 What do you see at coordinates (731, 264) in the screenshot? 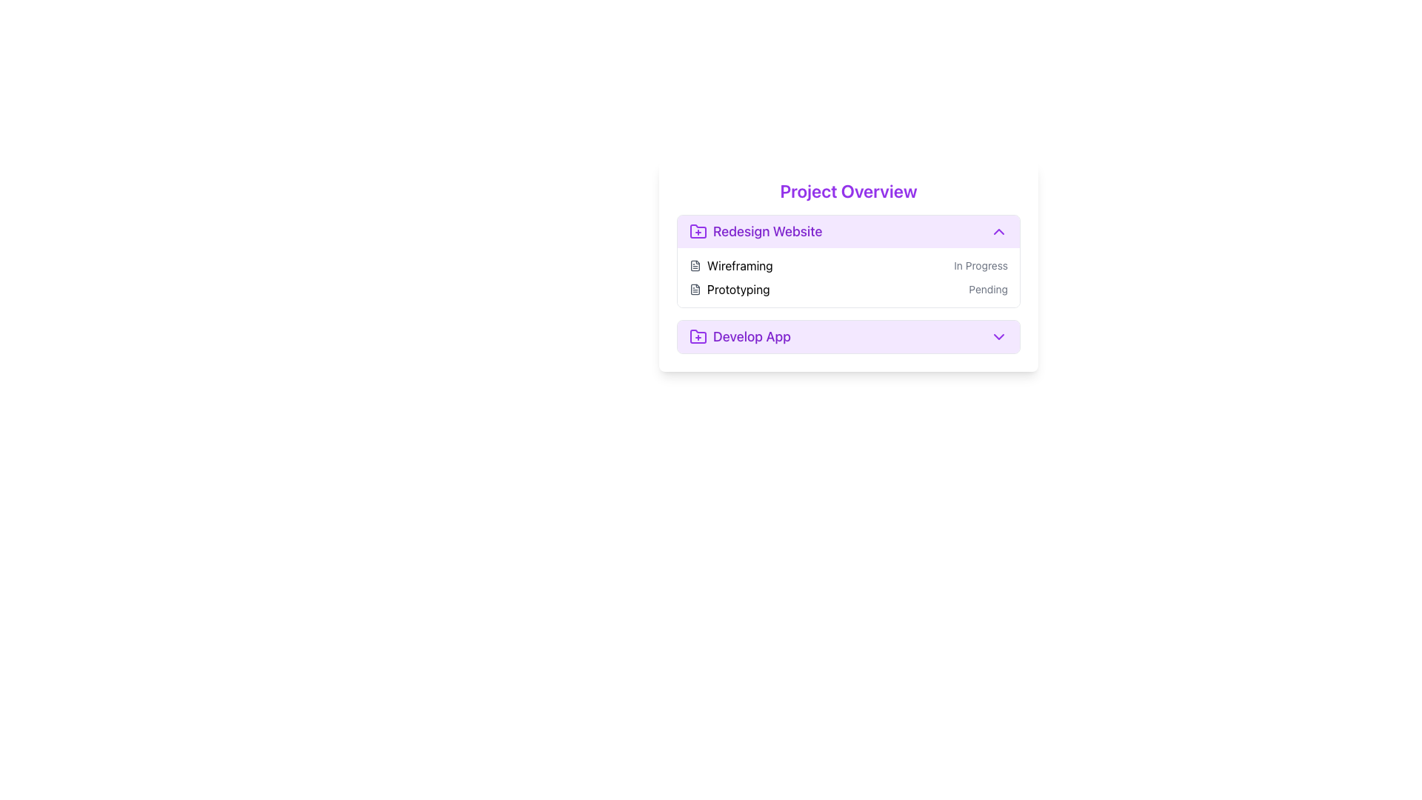
I see `the 'Wireframing' text label, which is located to the right of a document icon and the first item under the 'Redesign Website' section` at bounding box center [731, 264].